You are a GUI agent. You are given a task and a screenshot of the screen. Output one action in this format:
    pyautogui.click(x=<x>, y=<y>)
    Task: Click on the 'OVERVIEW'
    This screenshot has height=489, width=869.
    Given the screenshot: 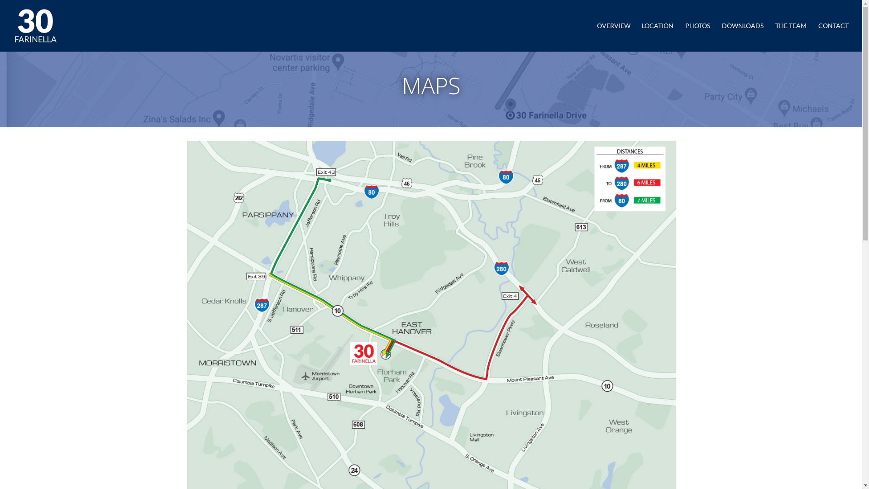 What is the action you would take?
    pyautogui.click(x=614, y=36)
    